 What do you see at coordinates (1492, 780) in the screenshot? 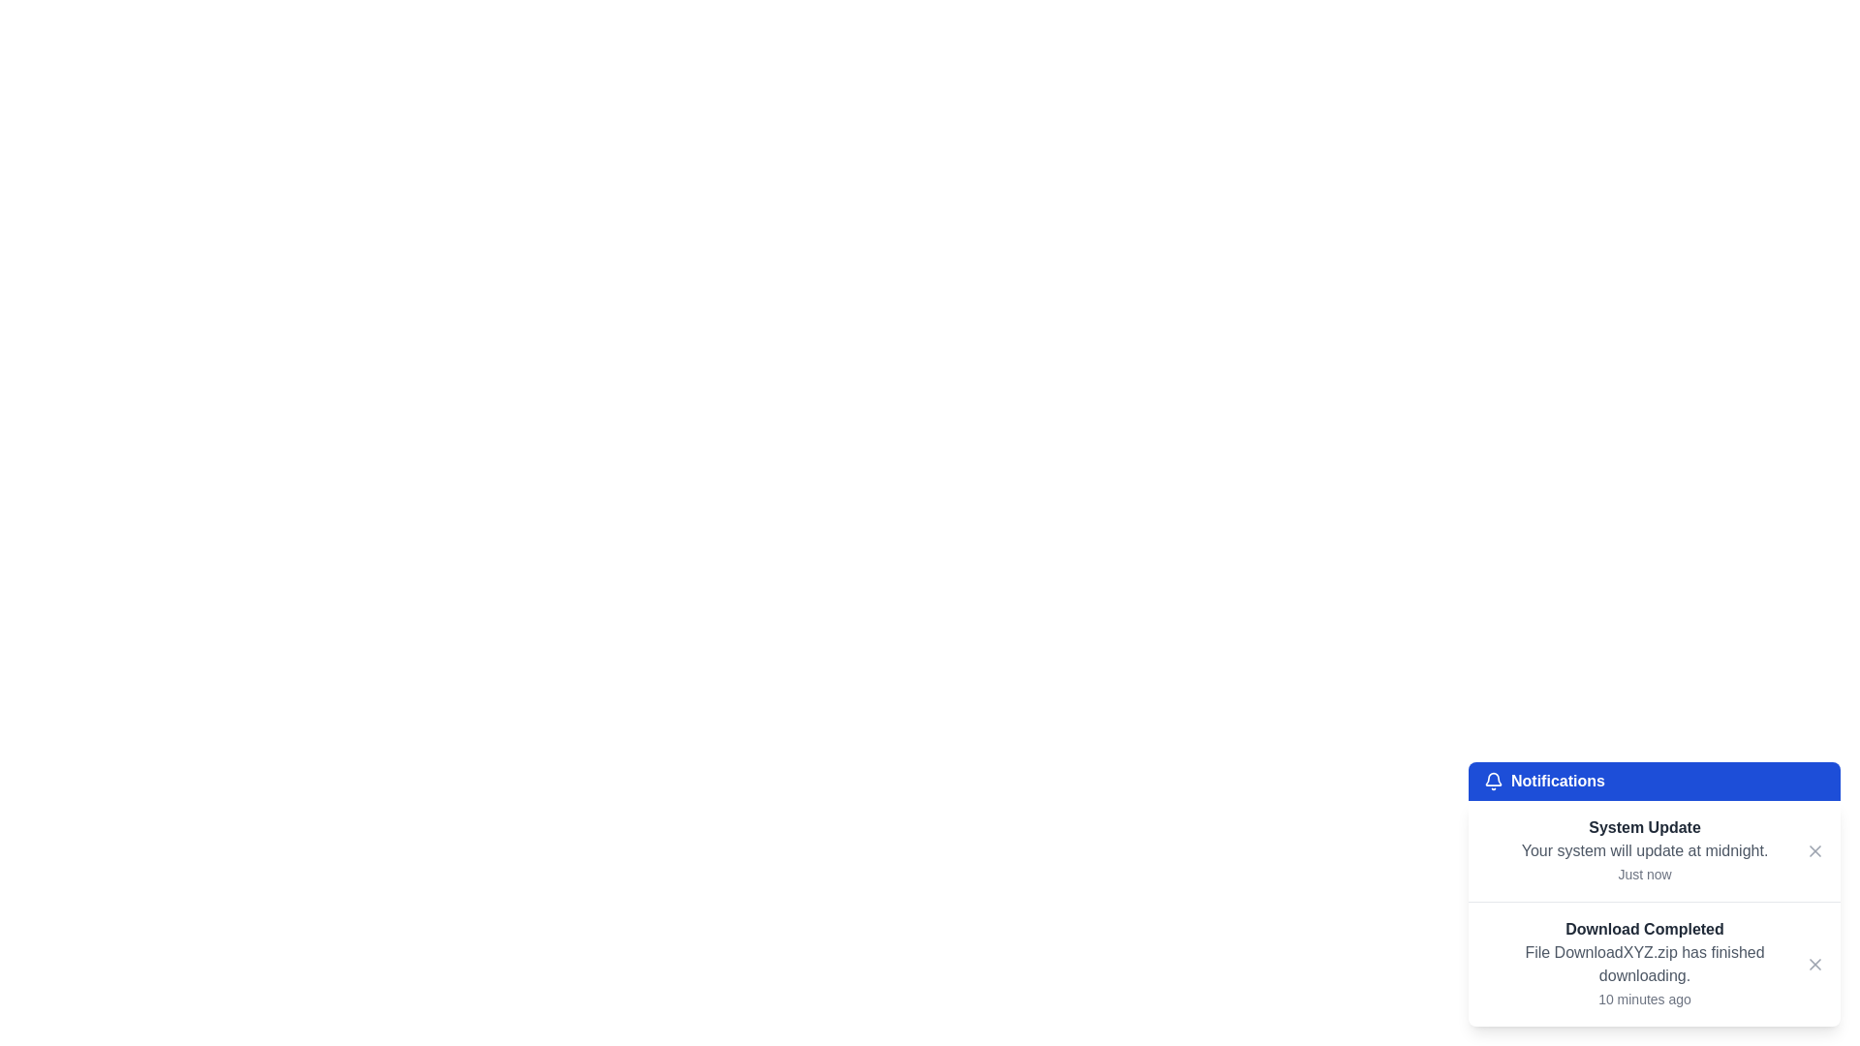
I see `the bell icon styled as a notification symbol located in the top-left corner of the blue header section labeled 'Notifications.'` at bounding box center [1492, 780].